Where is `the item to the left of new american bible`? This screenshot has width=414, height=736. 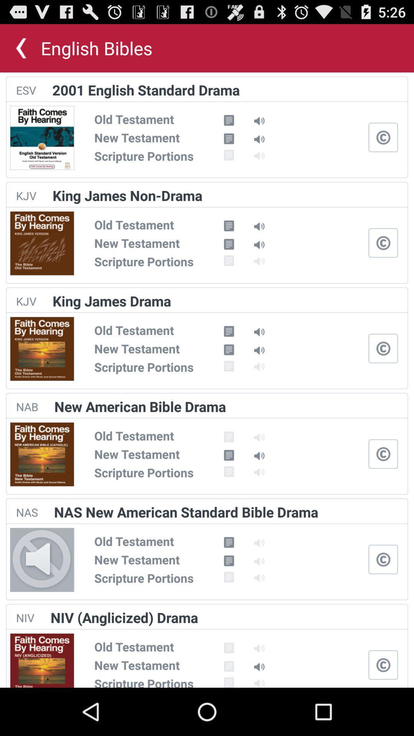
the item to the left of new american bible is located at coordinates (26, 406).